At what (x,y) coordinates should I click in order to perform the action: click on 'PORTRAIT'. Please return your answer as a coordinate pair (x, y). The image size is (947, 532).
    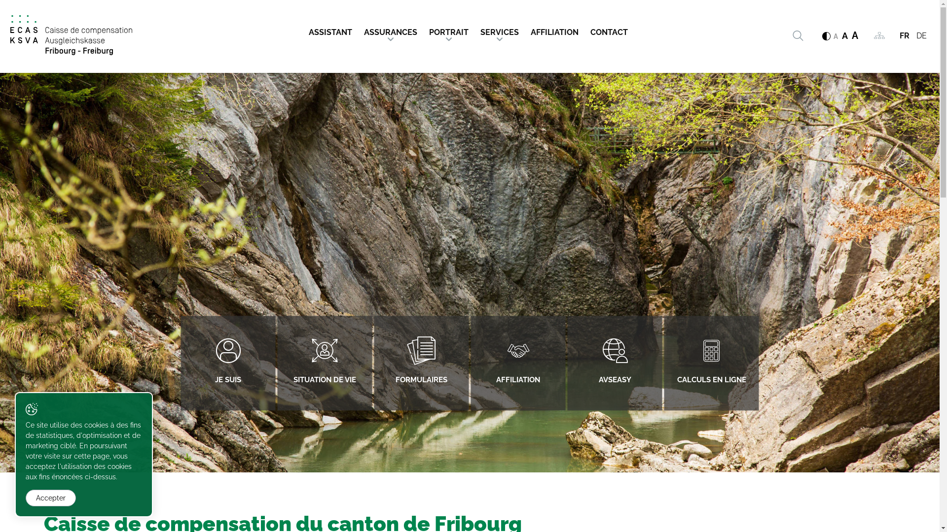
    Looking at the image, I should click on (424, 29).